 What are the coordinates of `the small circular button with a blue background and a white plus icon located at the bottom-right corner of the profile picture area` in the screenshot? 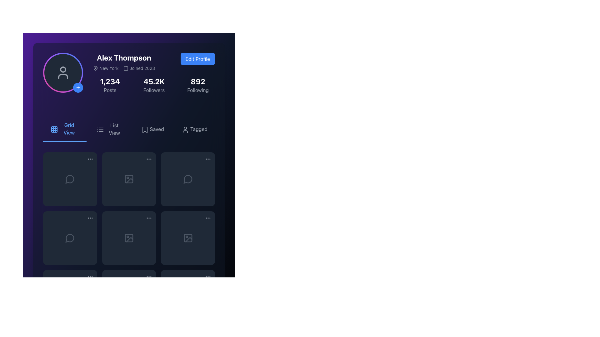 It's located at (77, 88).